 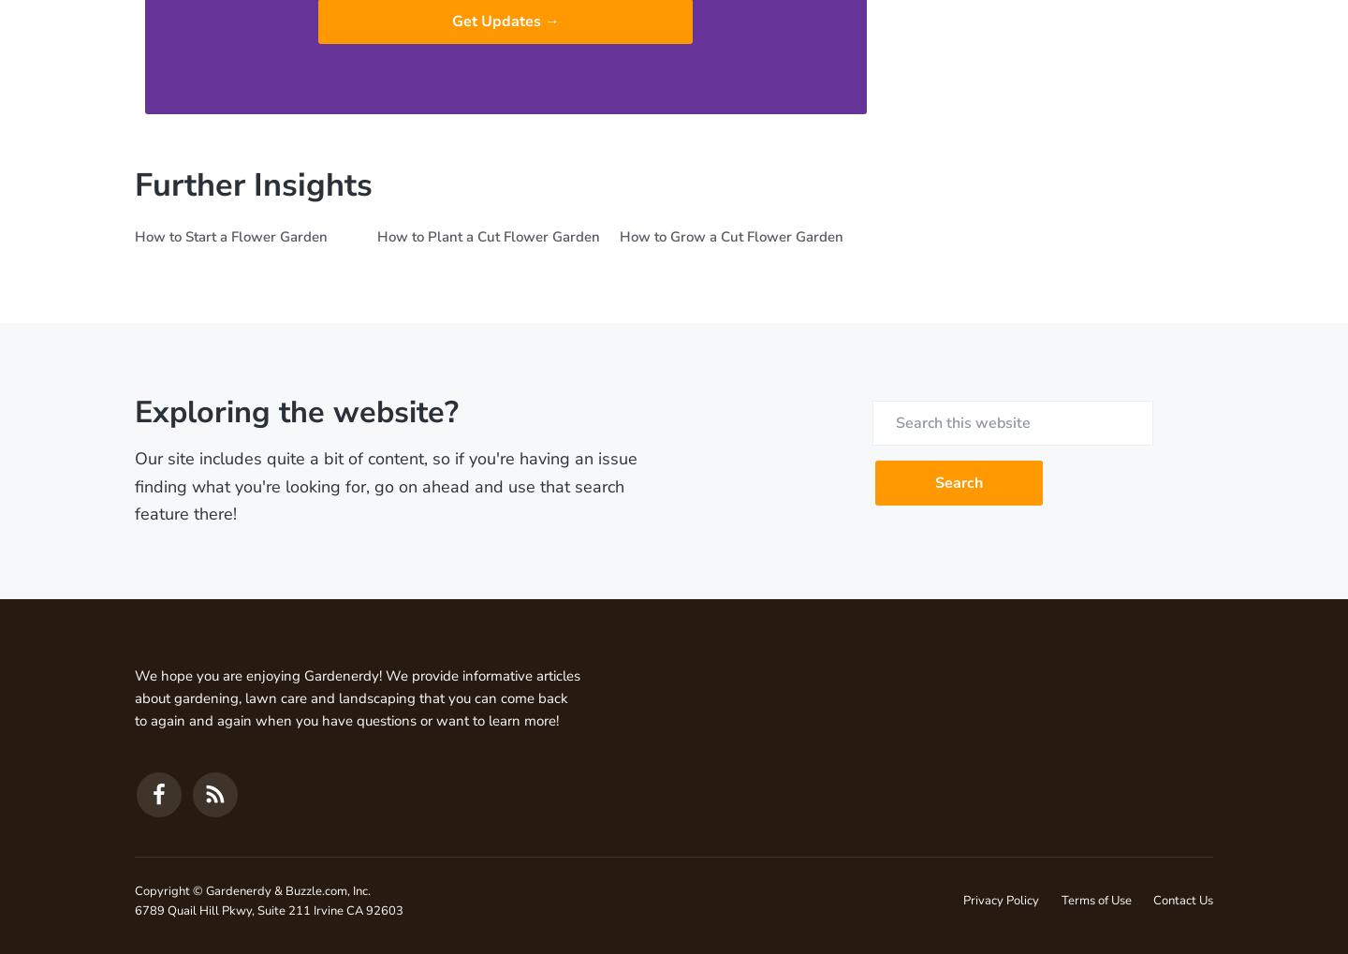 I want to click on 'Privacy Policy', so click(x=1001, y=900).